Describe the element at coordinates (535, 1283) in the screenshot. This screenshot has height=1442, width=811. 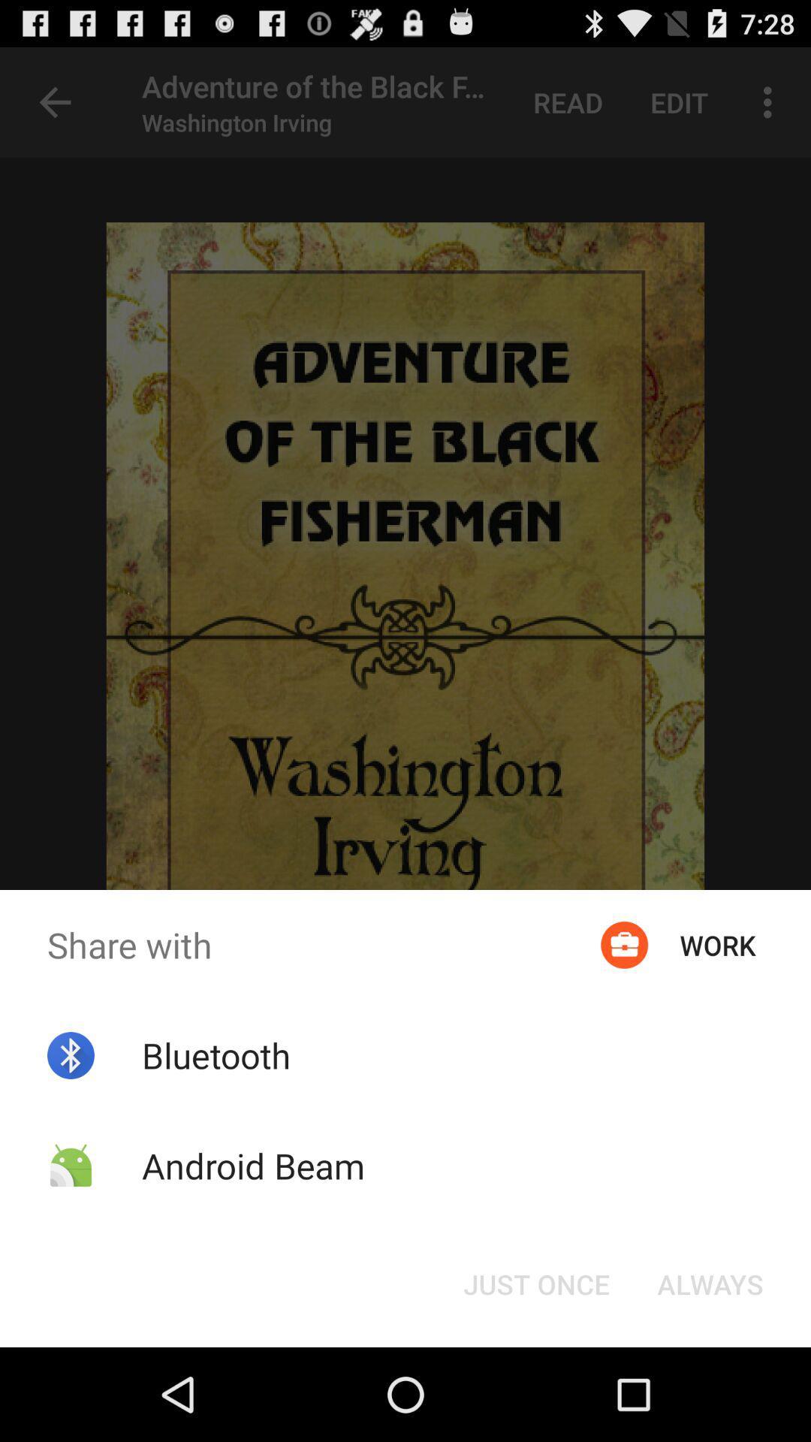
I see `the button at the bottom` at that location.